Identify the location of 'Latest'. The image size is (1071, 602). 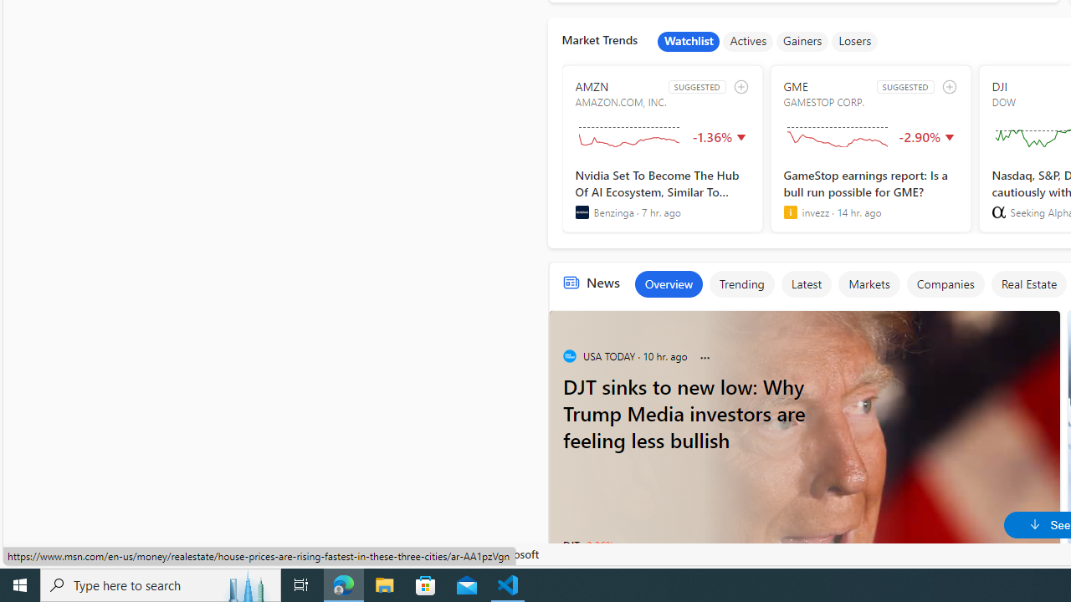
(806, 283).